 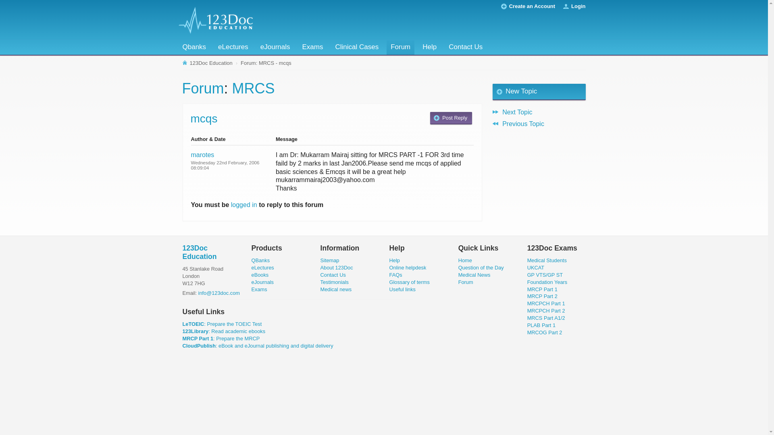 I want to click on 'PLAB Part 1', so click(x=541, y=325).